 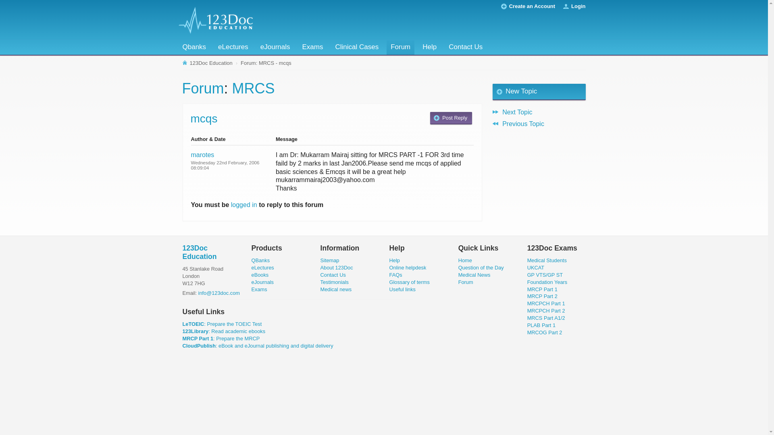 I want to click on 'PLAB Part 1', so click(x=541, y=325).